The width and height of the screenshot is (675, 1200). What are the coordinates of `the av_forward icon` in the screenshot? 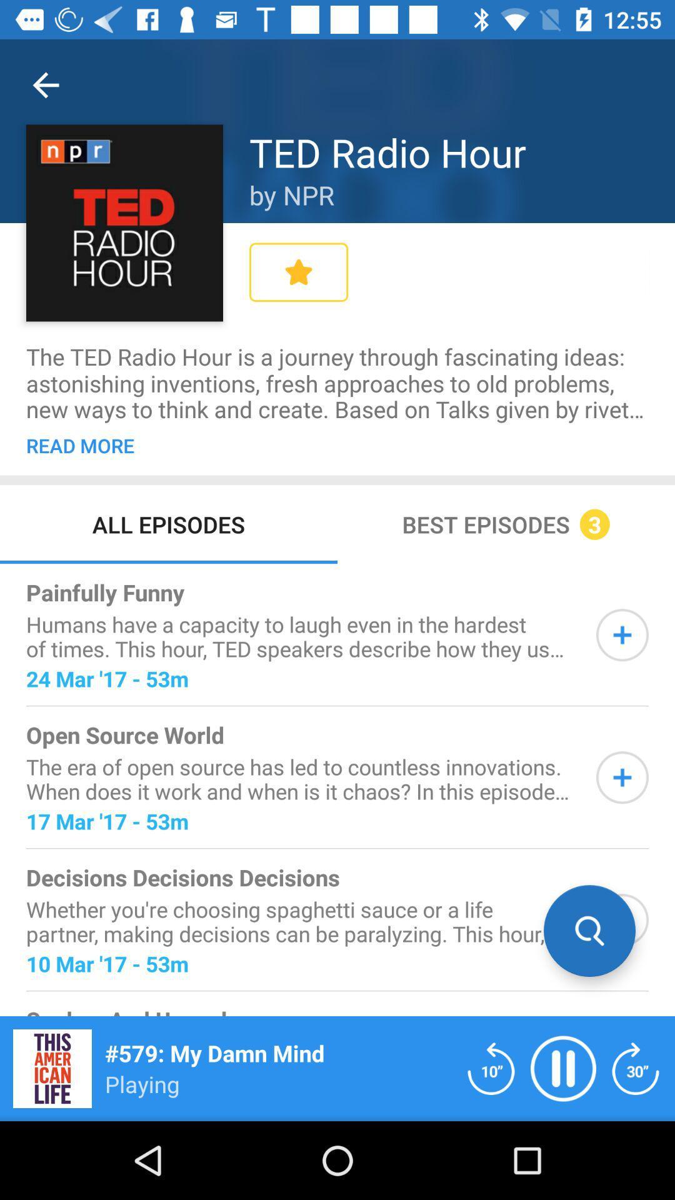 It's located at (636, 1067).